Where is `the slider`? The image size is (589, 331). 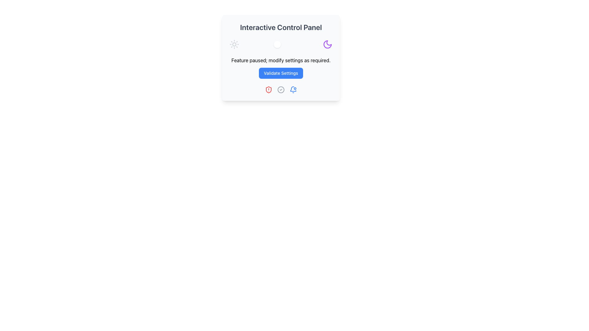
the slider is located at coordinates (277, 44).